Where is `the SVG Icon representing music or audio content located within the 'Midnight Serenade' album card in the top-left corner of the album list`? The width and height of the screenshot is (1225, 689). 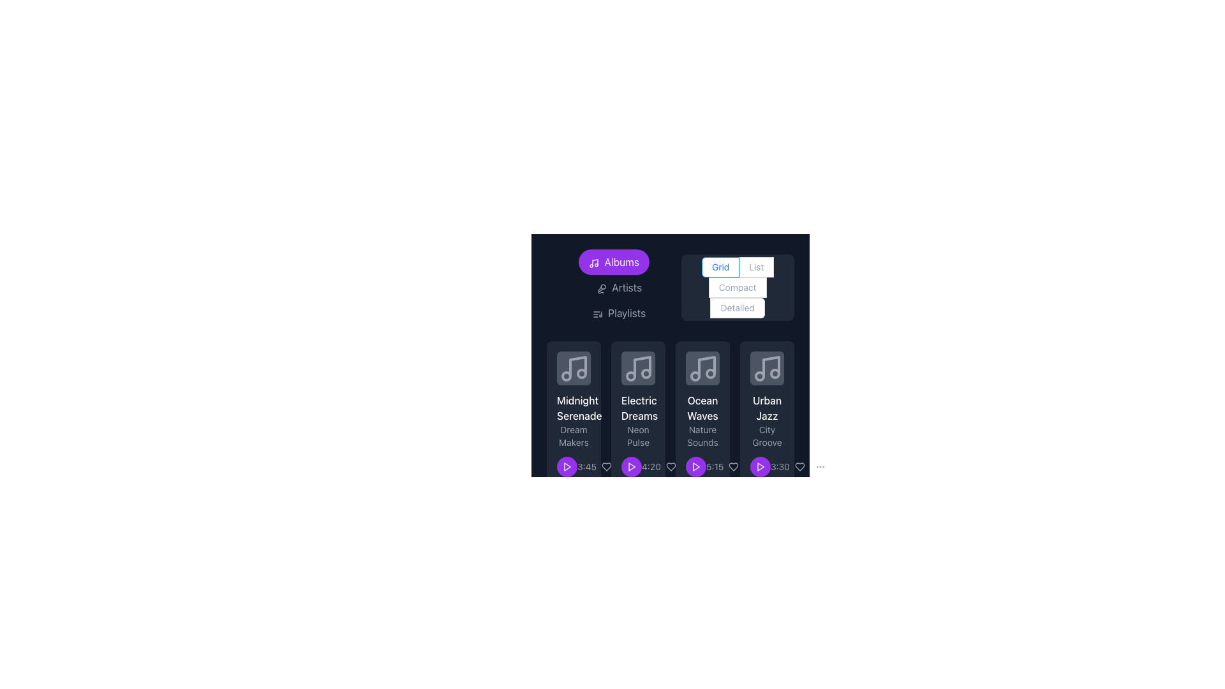
the SVG Icon representing music or audio content located within the 'Midnight Serenade' album card in the top-left corner of the album list is located at coordinates (573, 368).